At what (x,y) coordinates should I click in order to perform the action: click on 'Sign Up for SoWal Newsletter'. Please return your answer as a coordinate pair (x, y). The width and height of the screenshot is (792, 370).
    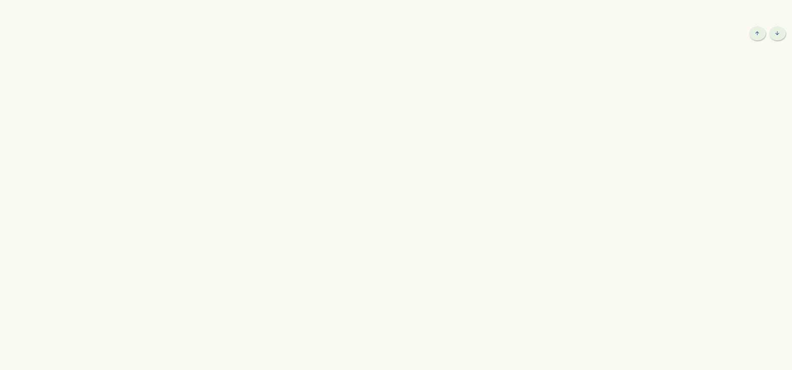
    Looking at the image, I should click on (634, 67).